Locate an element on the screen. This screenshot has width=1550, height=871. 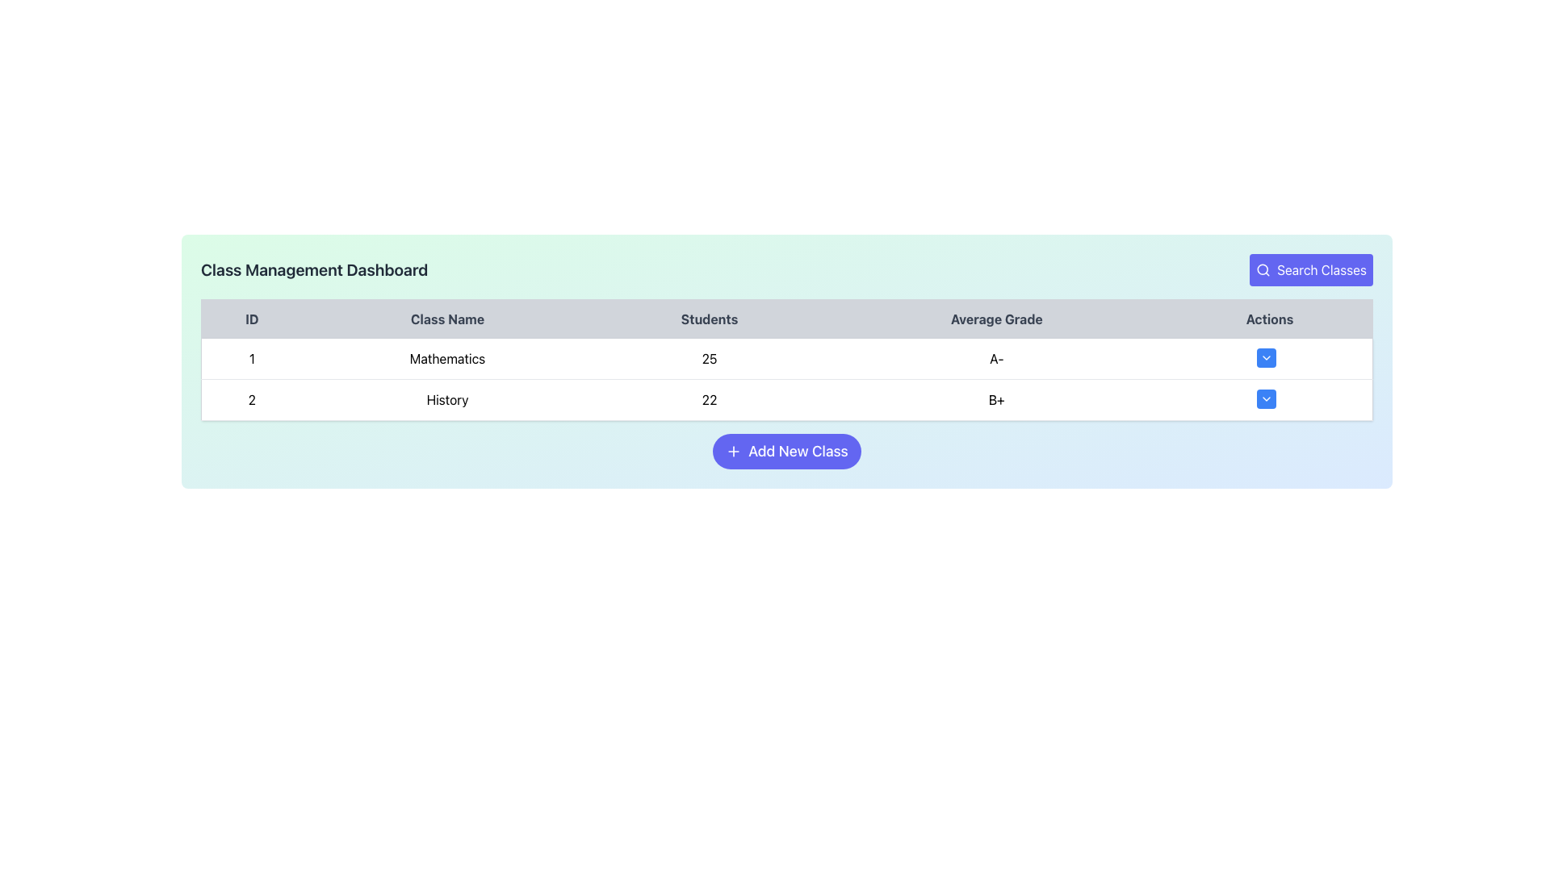
the second row of the table displaying class details, which includes ID, name, student count, and average grade is located at coordinates (786, 399).